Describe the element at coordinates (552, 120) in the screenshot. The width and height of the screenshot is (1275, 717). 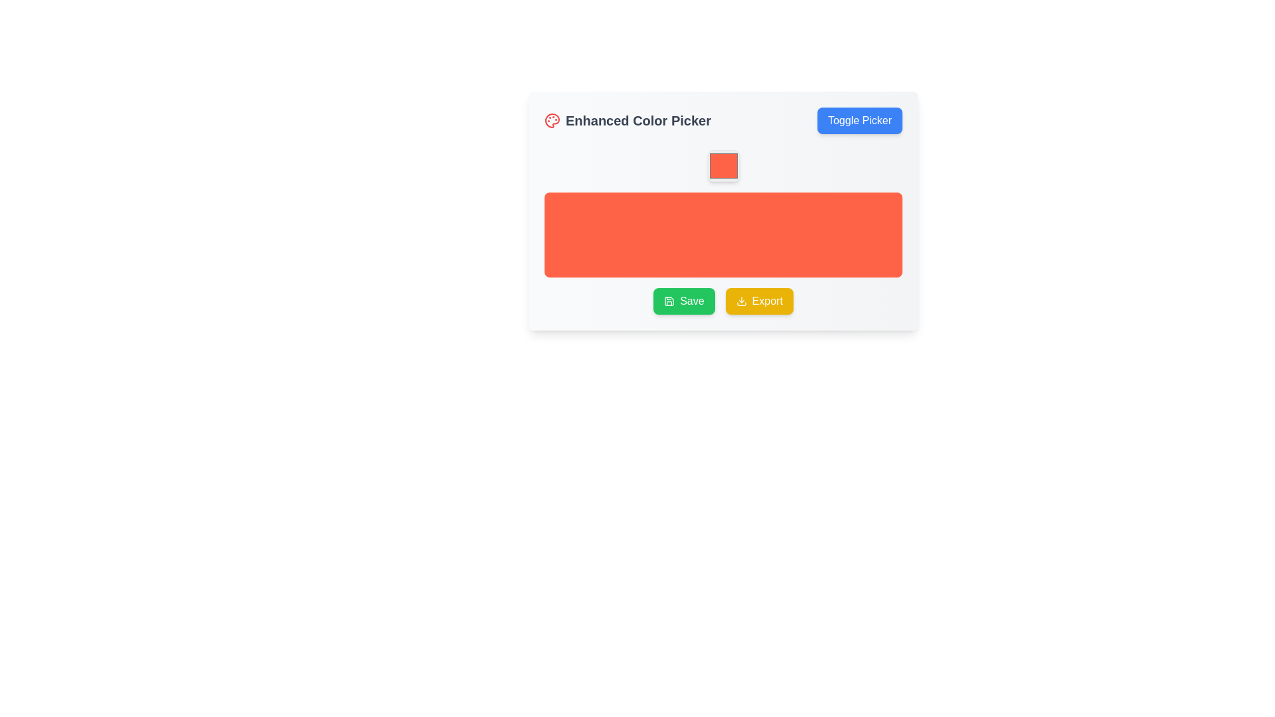
I see `the clickable red palette icon located at the top left corner of the interface, next to the 'Enhanced Color Picker' label` at that location.